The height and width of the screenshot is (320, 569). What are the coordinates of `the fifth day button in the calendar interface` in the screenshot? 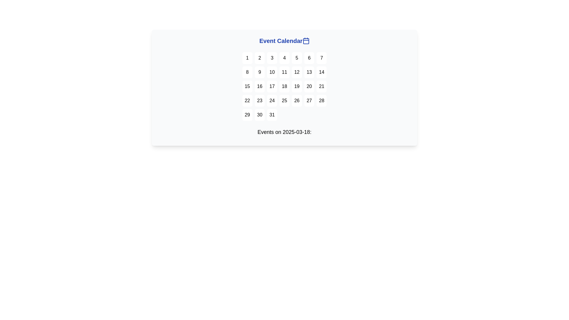 It's located at (297, 58).